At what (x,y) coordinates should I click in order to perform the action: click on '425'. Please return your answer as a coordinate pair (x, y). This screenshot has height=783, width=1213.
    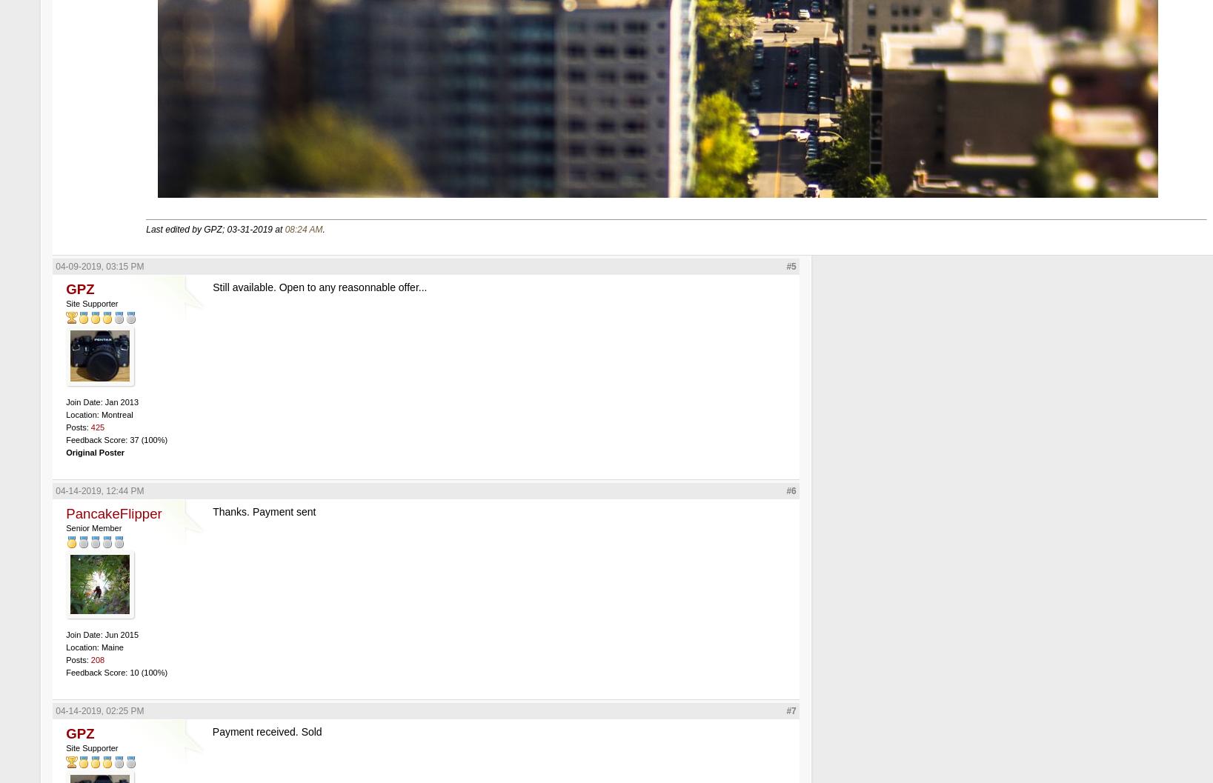
    Looking at the image, I should click on (96, 425).